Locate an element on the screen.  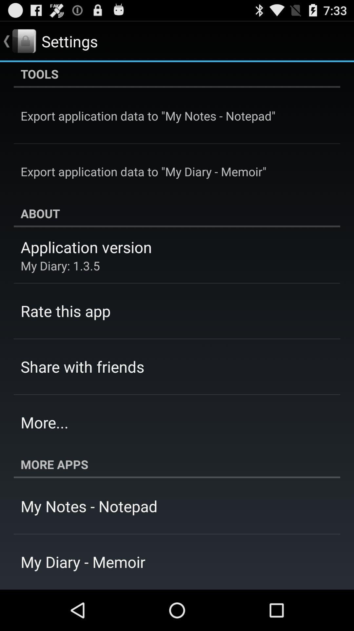
icon at the bottom is located at coordinates (177, 464).